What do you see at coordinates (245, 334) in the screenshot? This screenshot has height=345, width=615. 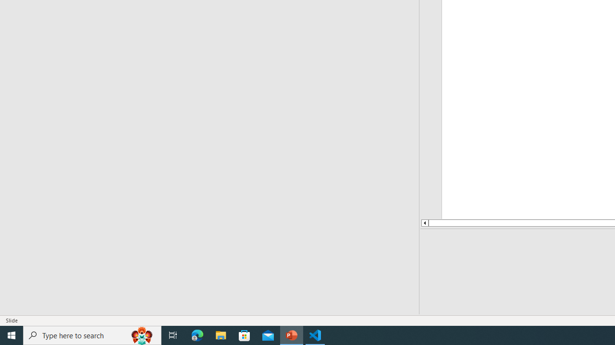 I see `'Microsoft Store'` at bounding box center [245, 334].